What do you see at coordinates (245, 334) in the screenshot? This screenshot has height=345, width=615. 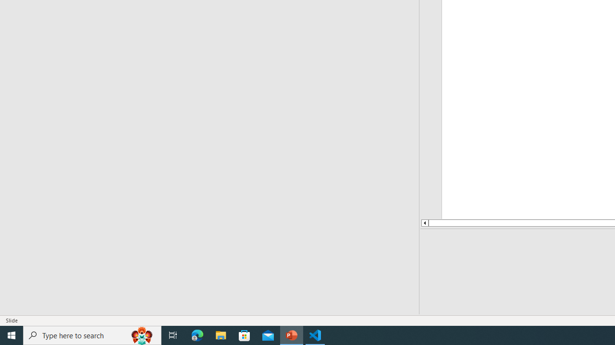 I see `'Microsoft Store'` at bounding box center [245, 334].